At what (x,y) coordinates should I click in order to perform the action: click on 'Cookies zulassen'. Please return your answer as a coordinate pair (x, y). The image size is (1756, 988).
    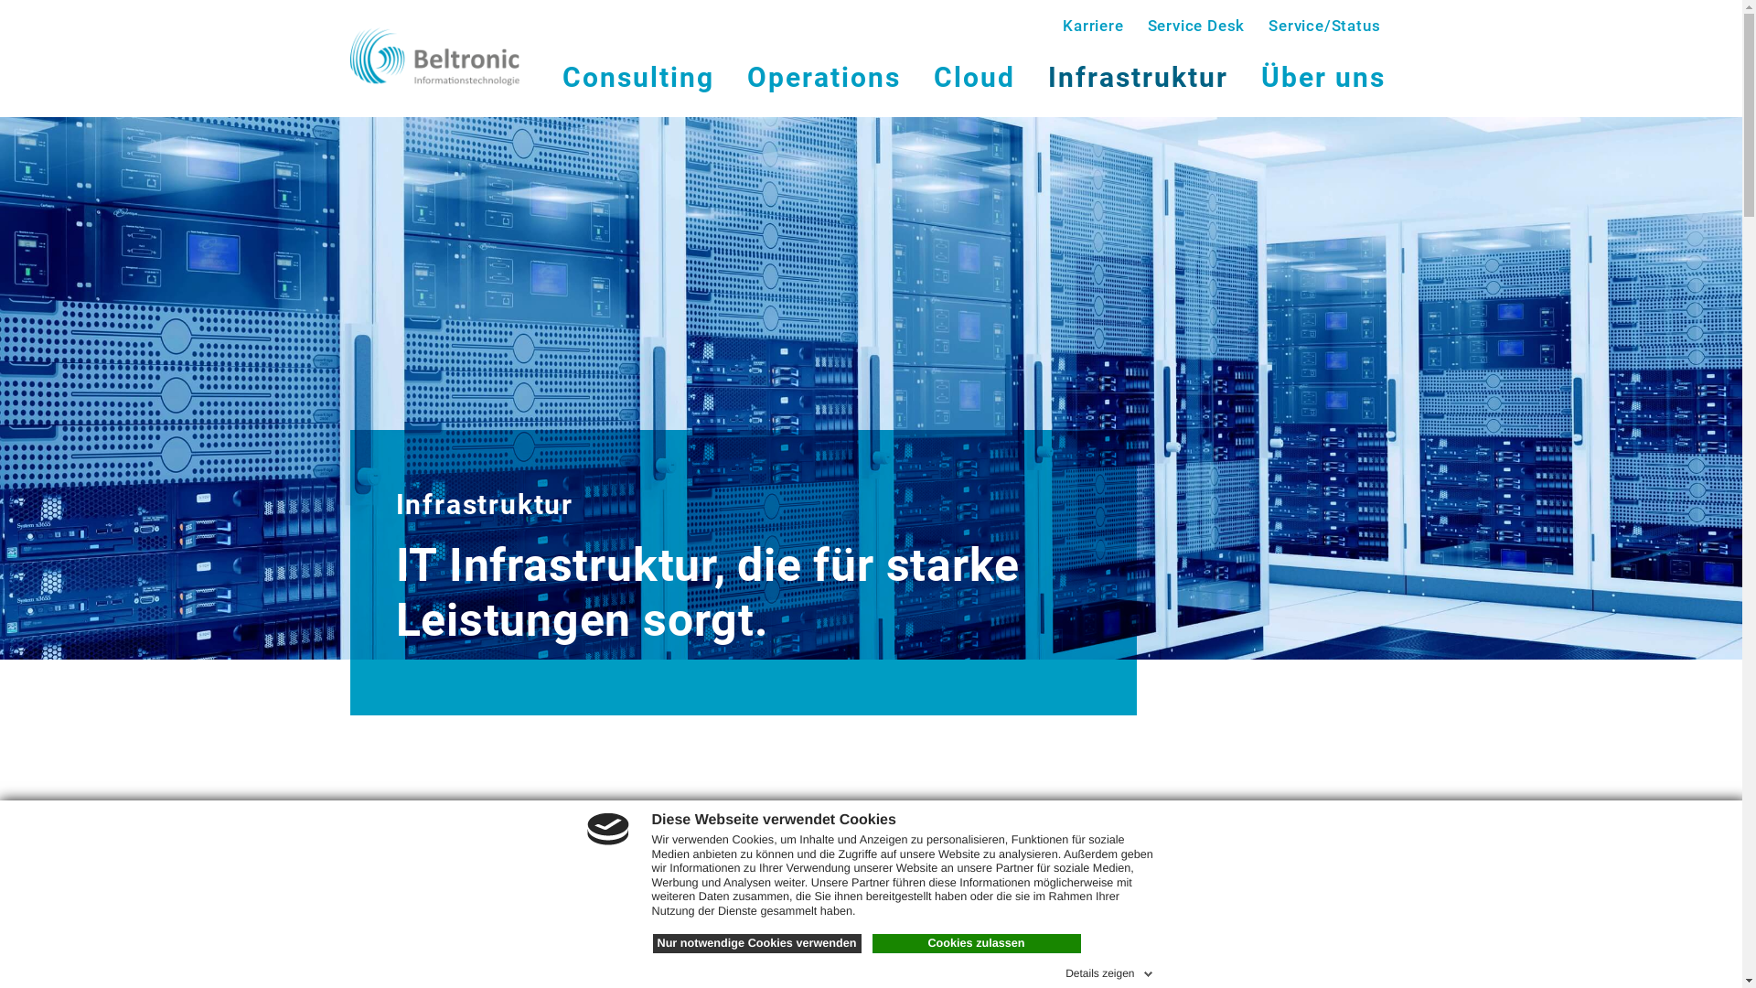
    Looking at the image, I should click on (976, 944).